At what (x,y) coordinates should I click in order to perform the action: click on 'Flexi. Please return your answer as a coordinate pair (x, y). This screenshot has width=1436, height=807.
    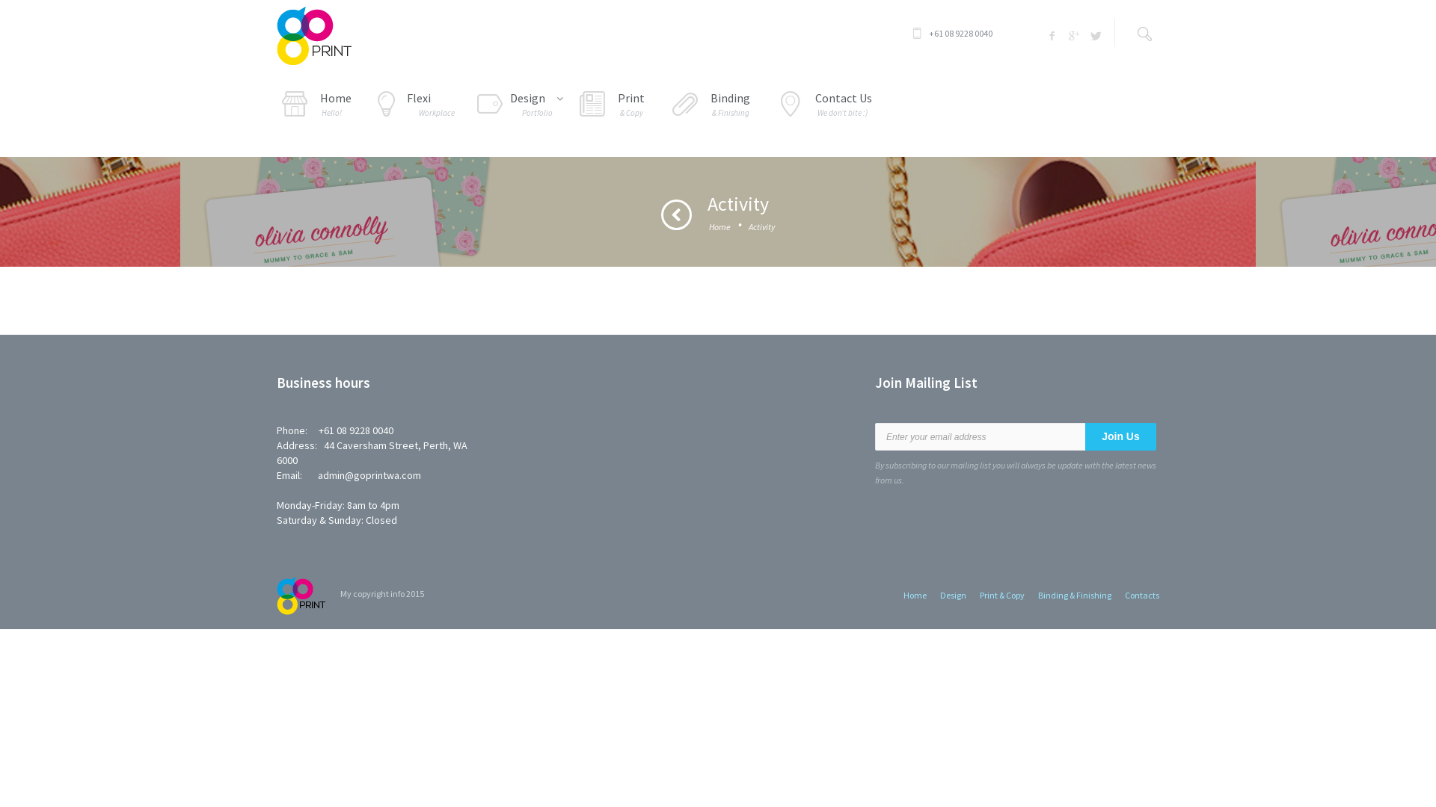
    Looking at the image, I should click on (414, 105).